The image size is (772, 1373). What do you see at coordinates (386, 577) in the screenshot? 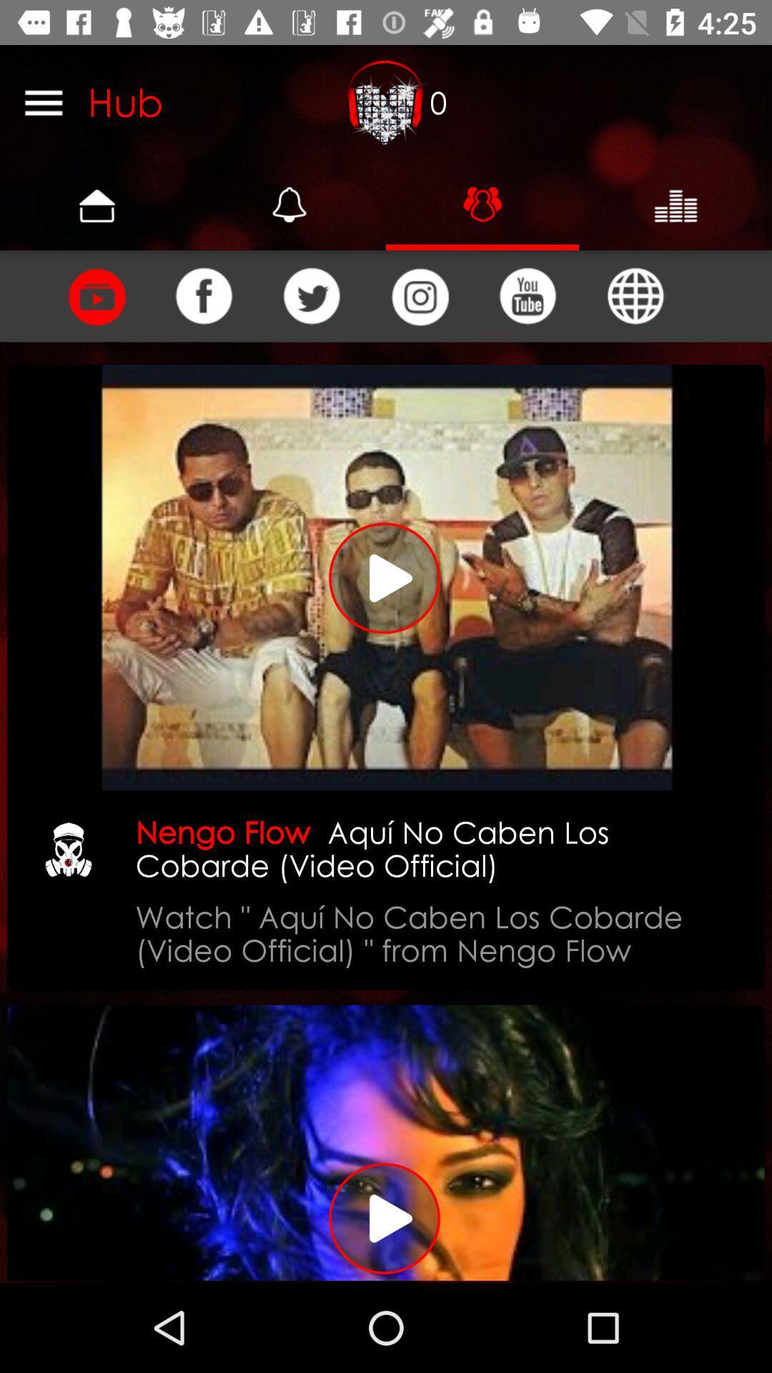
I see `video play button` at bounding box center [386, 577].